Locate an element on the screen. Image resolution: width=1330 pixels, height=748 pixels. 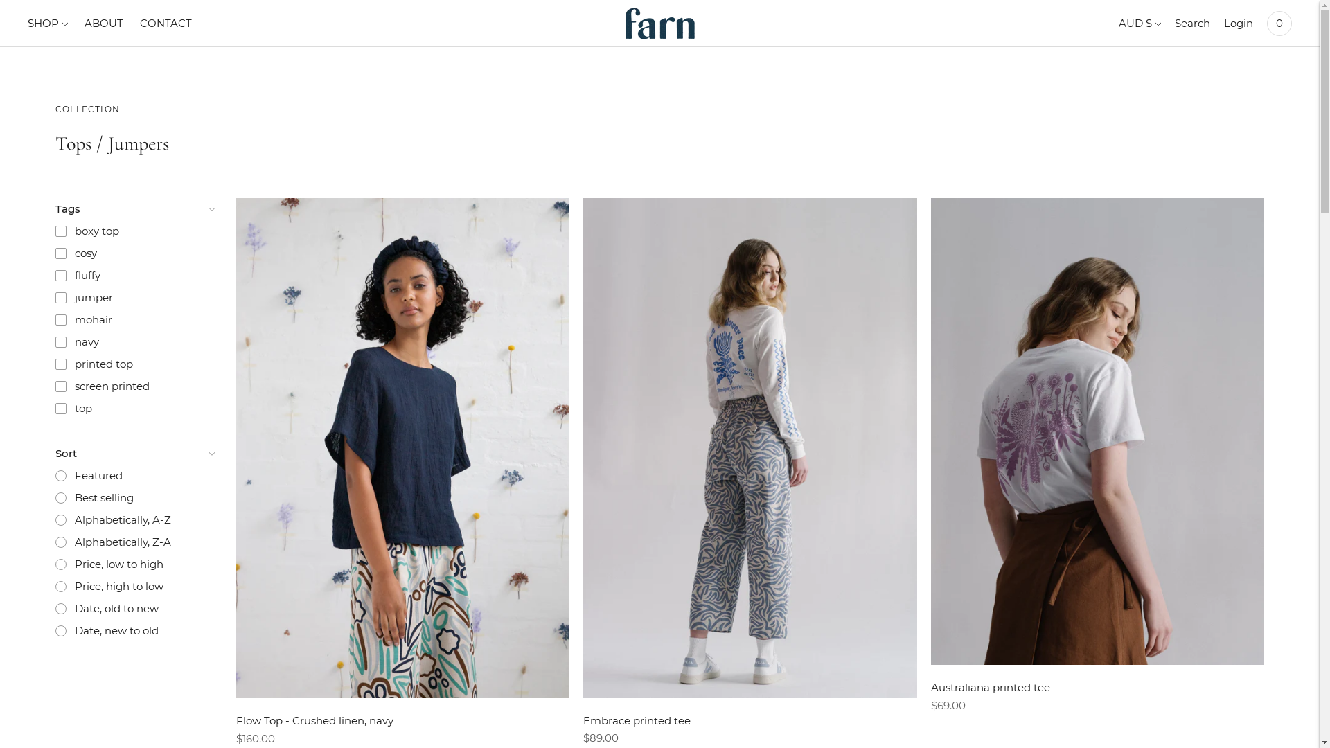
'AUD $' is located at coordinates (1118, 24).